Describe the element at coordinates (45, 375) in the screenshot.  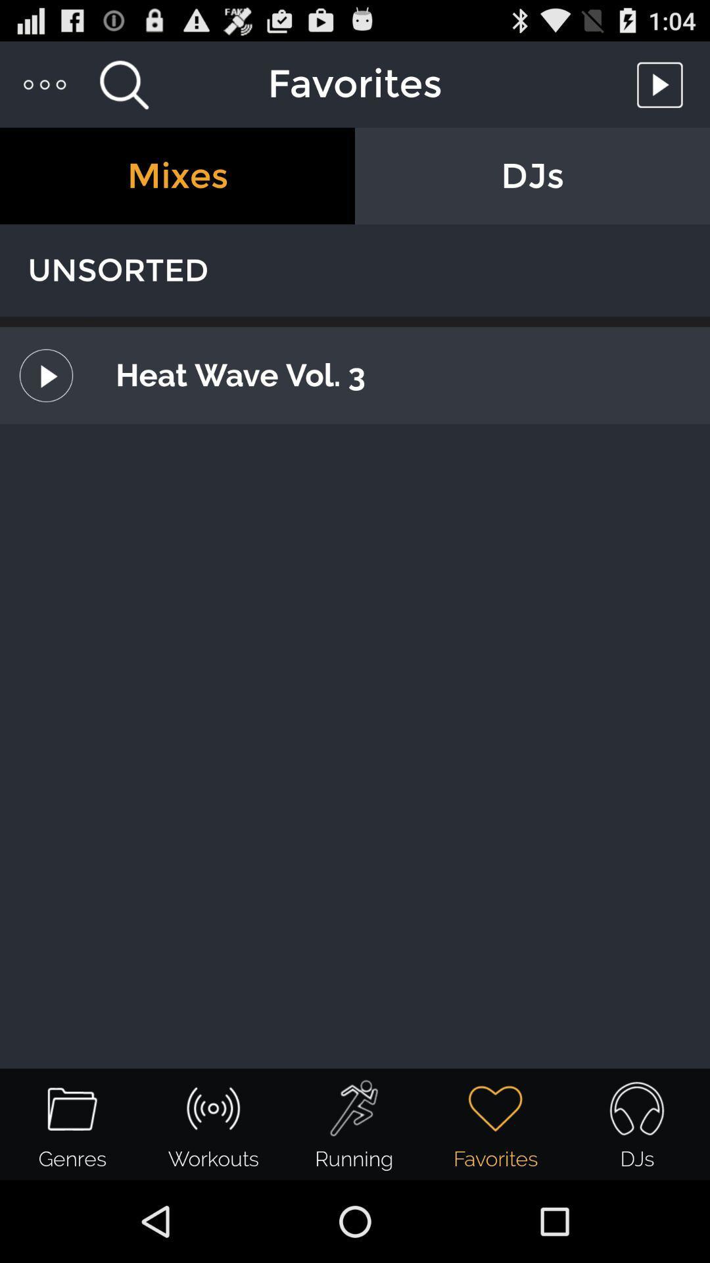
I see `icon next to the heat wave vol` at that location.